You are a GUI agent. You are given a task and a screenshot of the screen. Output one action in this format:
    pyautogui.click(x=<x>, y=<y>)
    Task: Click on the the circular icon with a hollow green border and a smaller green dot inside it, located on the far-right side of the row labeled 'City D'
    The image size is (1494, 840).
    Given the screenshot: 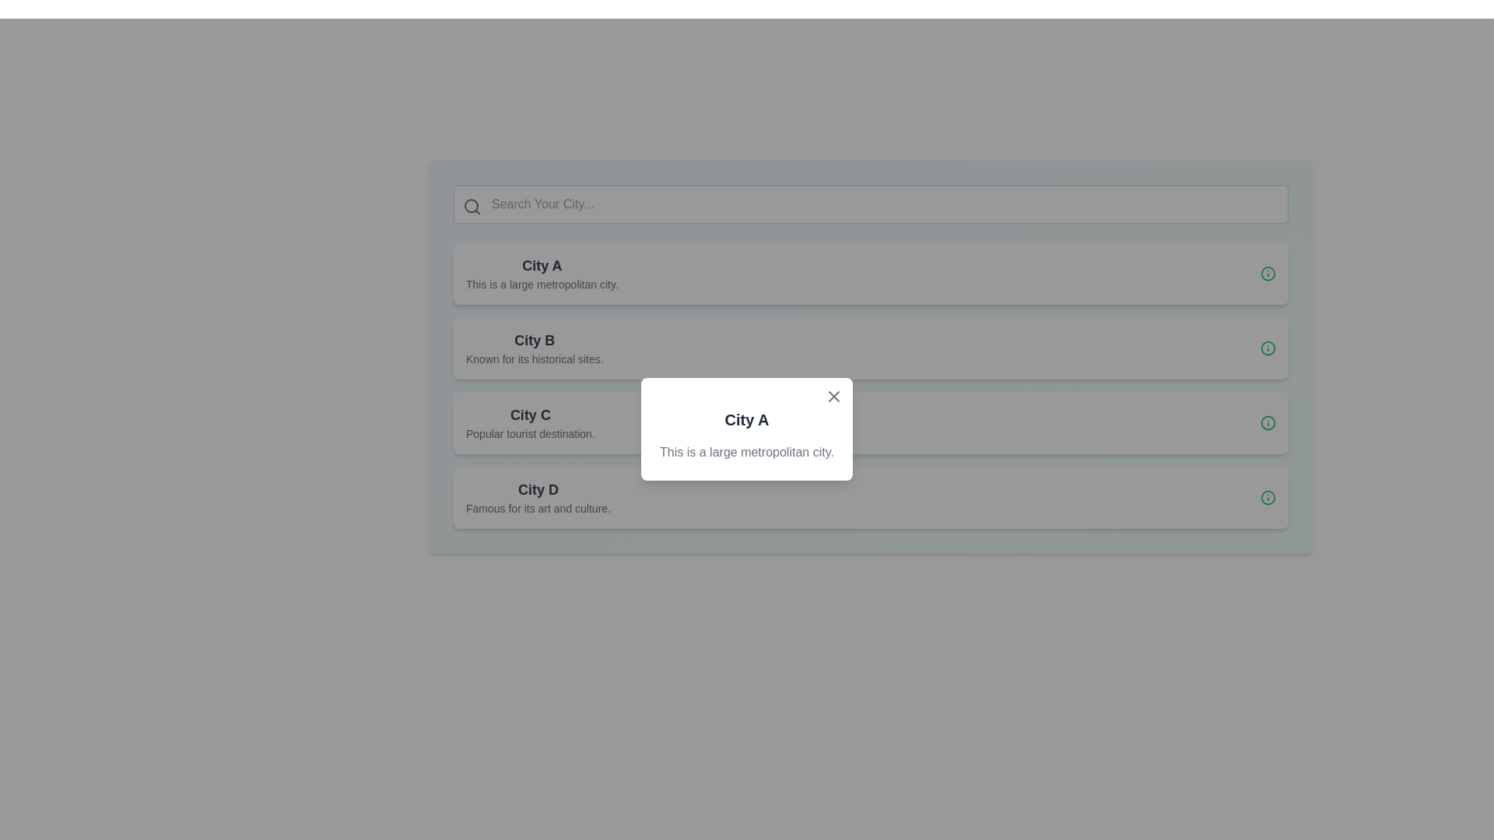 What is the action you would take?
    pyautogui.click(x=1268, y=498)
    